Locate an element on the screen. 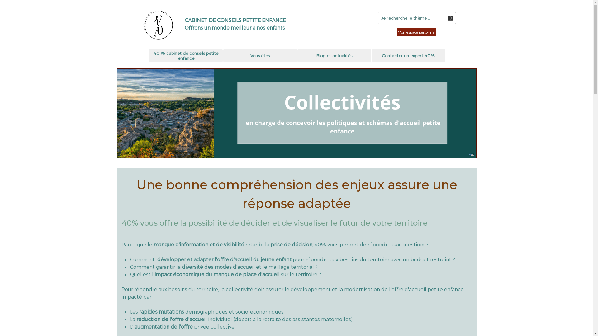 Image resolution: width=598 pixels, height=336 pixels. '40 % cabinet de conseils petite enfance' is located at coordinates (149, 55).